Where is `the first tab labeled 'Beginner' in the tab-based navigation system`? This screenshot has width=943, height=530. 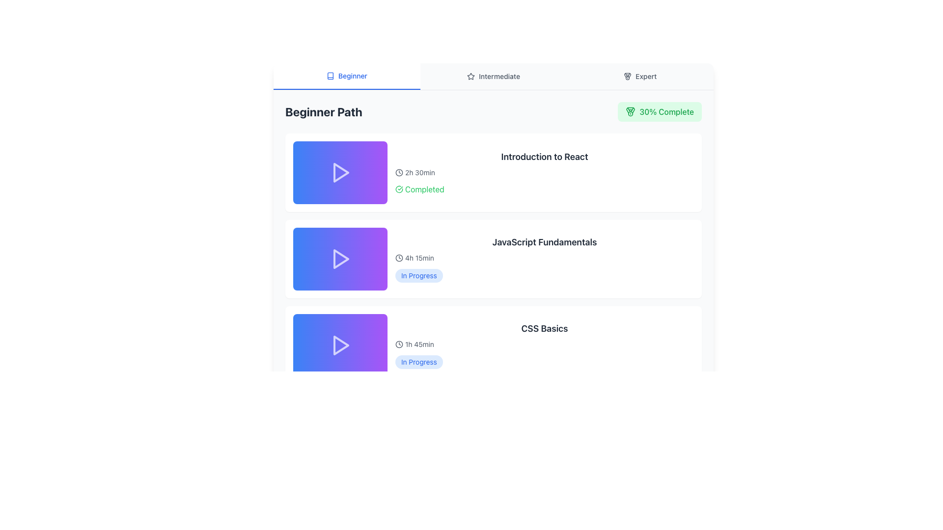 the first tab labeled 'Beginner' in the tab-based navigation system is located at coordinates (347, 76).